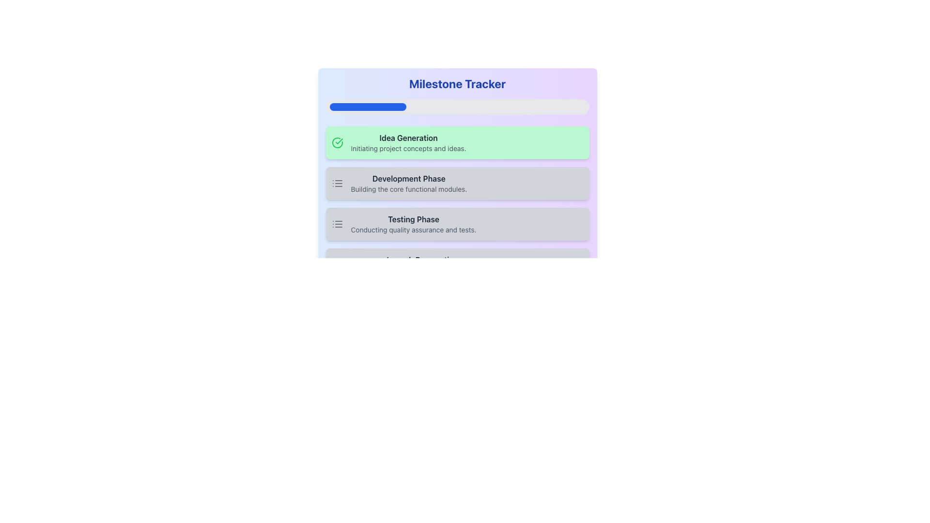  I want to click on the progress bar, so click(344, 107).